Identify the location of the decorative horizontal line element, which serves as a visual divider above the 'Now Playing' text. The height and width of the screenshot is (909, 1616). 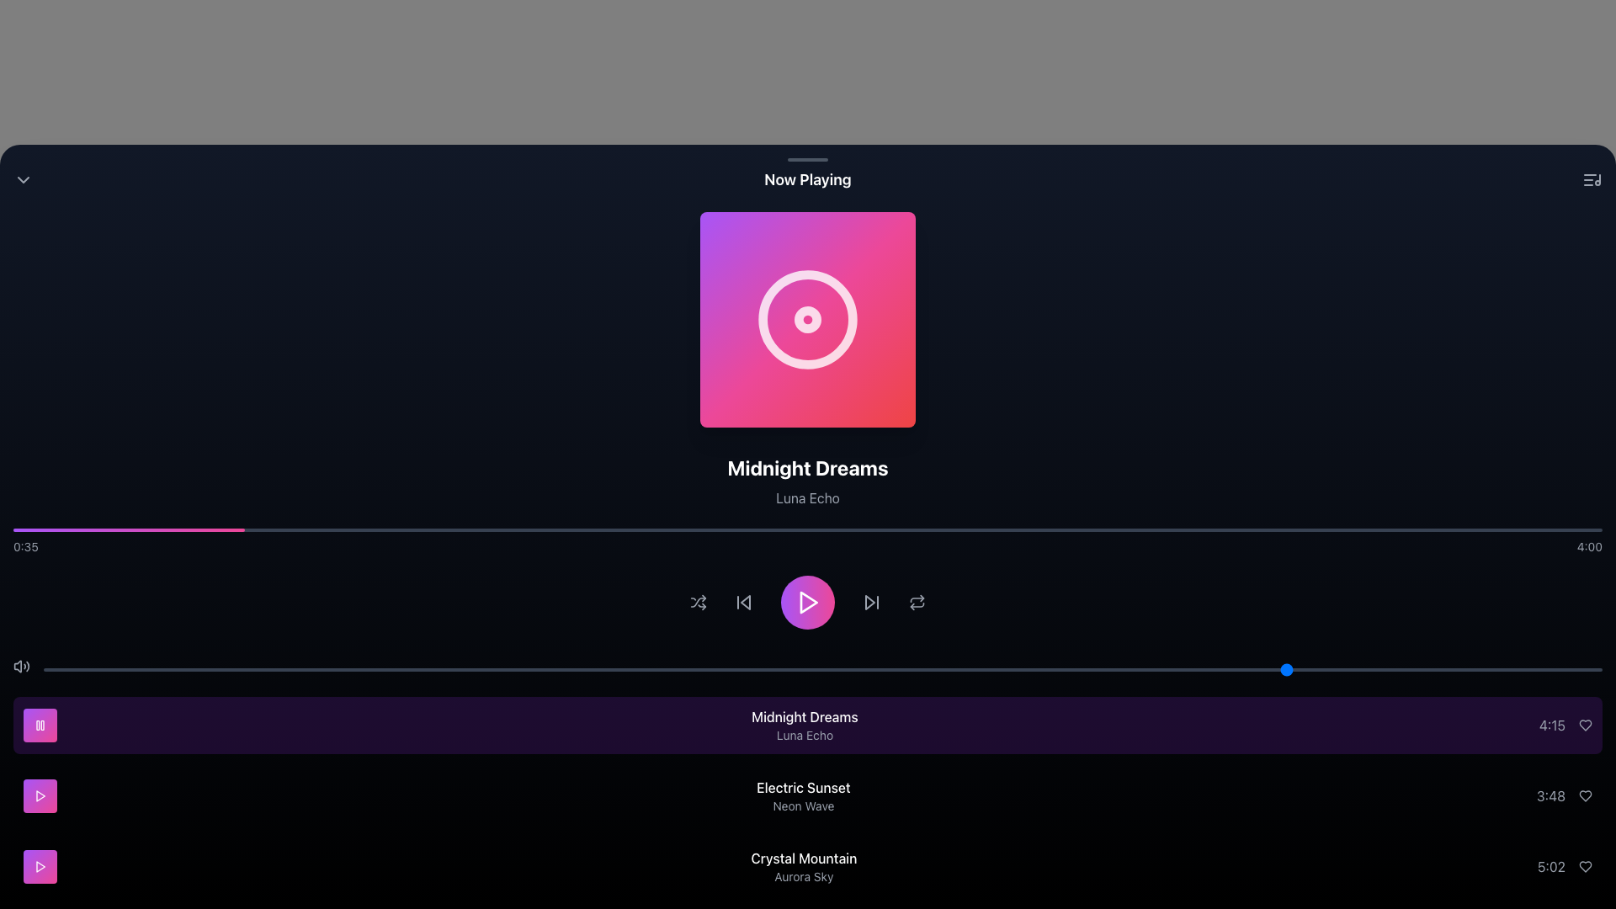
(808, 159).